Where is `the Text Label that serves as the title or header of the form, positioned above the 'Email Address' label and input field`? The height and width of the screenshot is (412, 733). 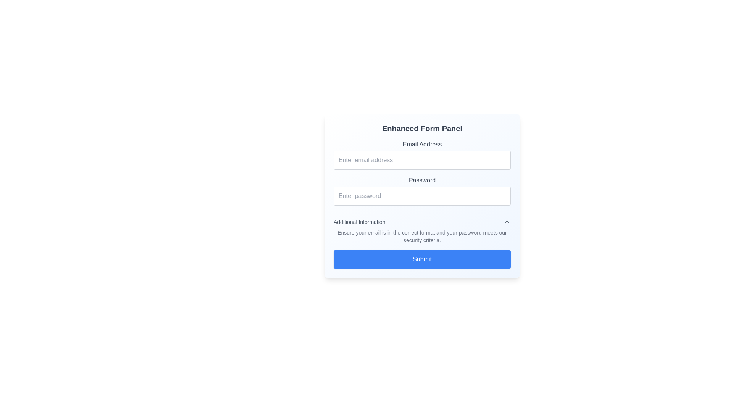 the Text Label that serves as the title or header of the form, positioned above the 'Email Address' label and input field is located at coordinates (421, 128).